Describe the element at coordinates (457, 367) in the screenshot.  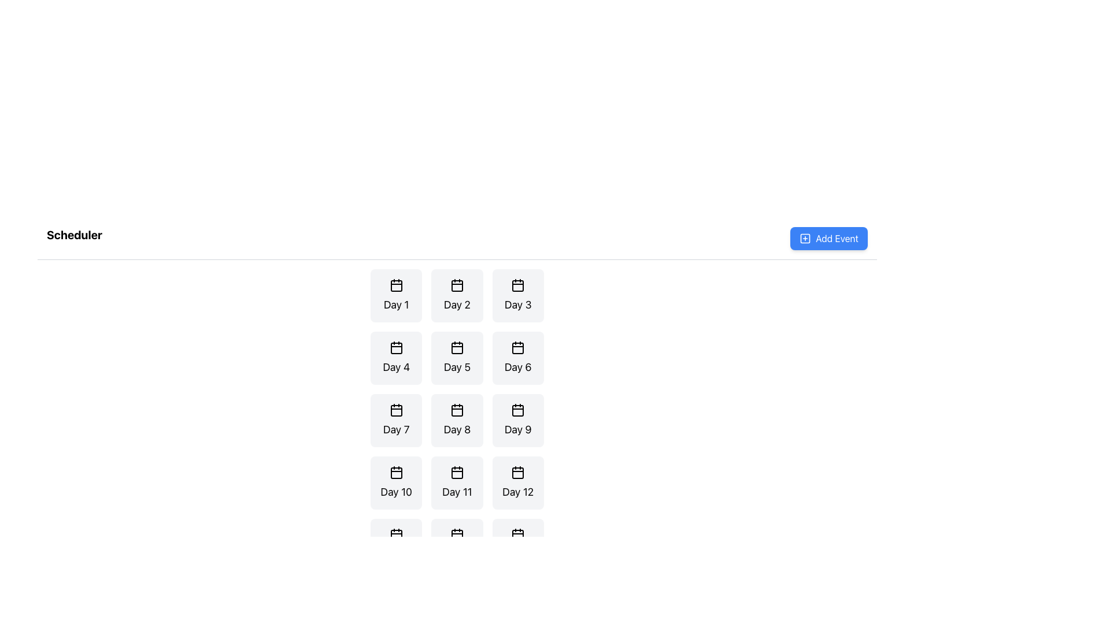
I see `the 'Day 5' text label, which is styled with a larger font size and centered alignment, located in the second column of the second row of a grid layout of buttons` at that location.